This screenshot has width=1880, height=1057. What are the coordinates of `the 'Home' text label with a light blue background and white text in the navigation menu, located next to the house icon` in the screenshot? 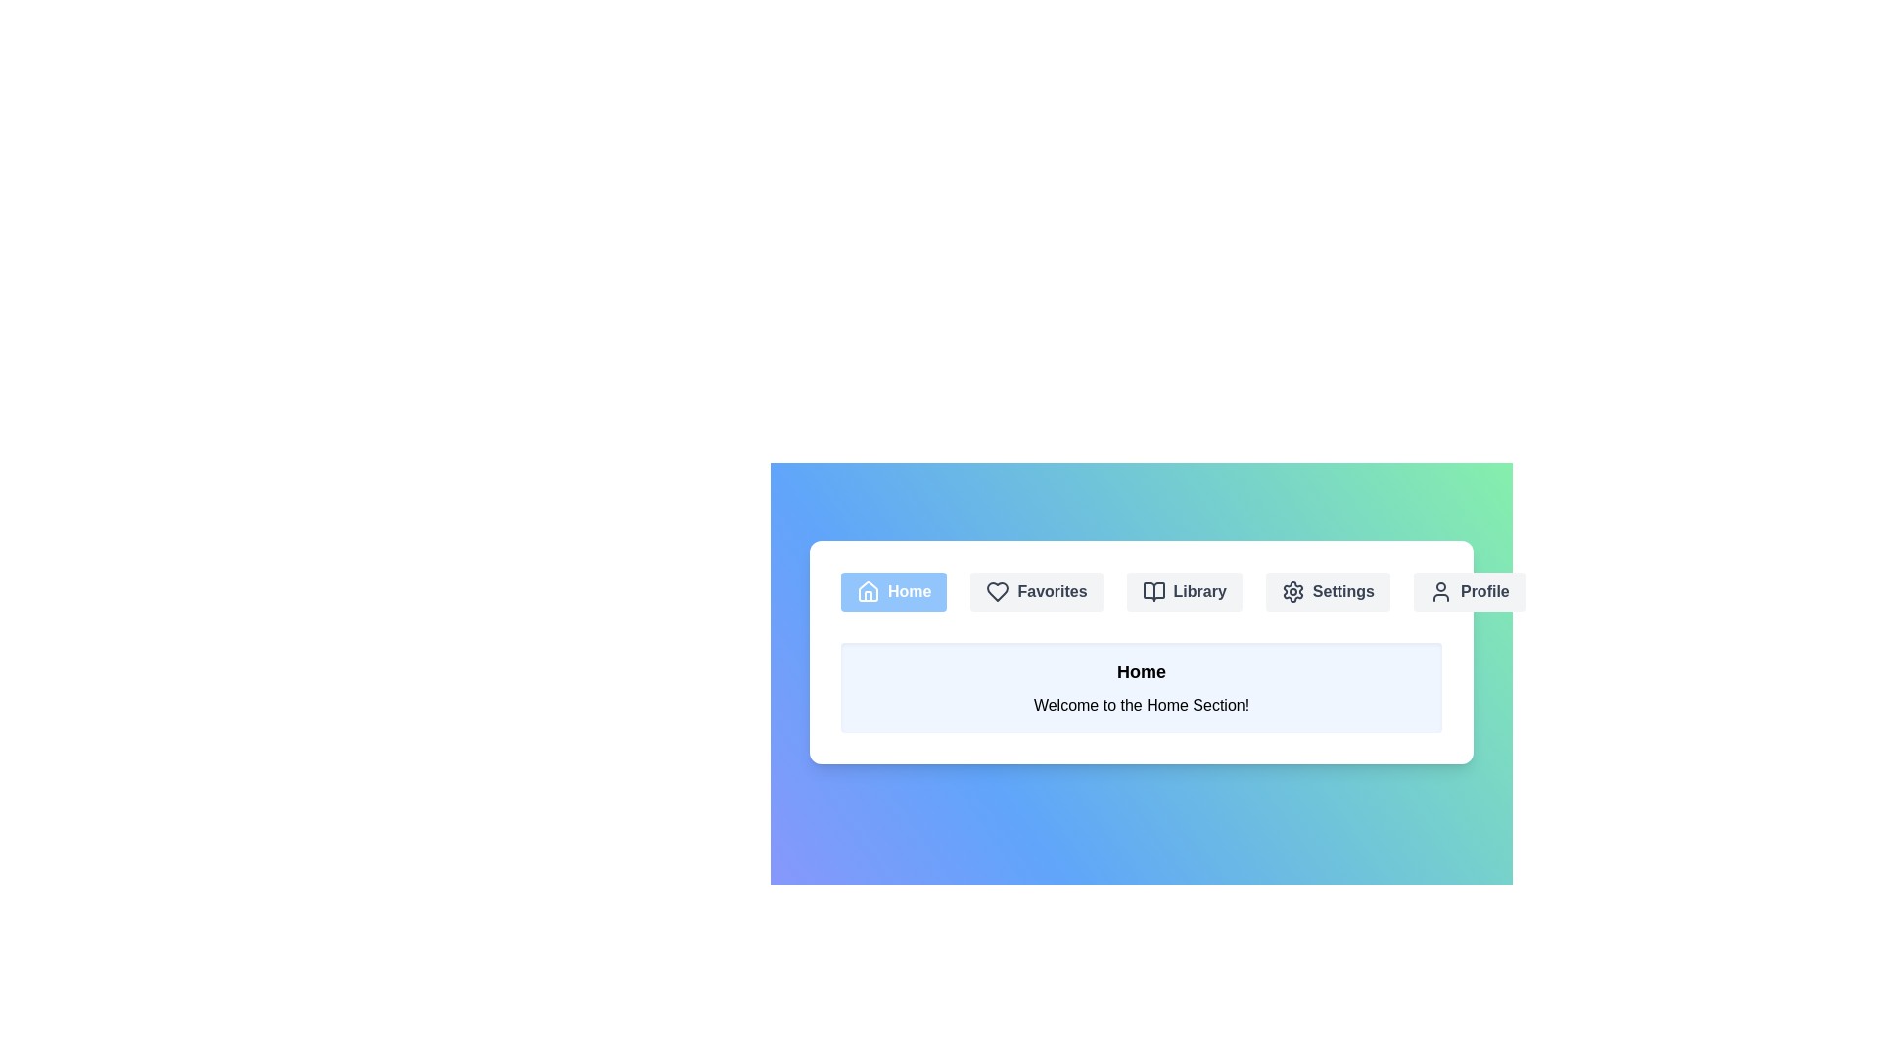 It's located at (909, 591).